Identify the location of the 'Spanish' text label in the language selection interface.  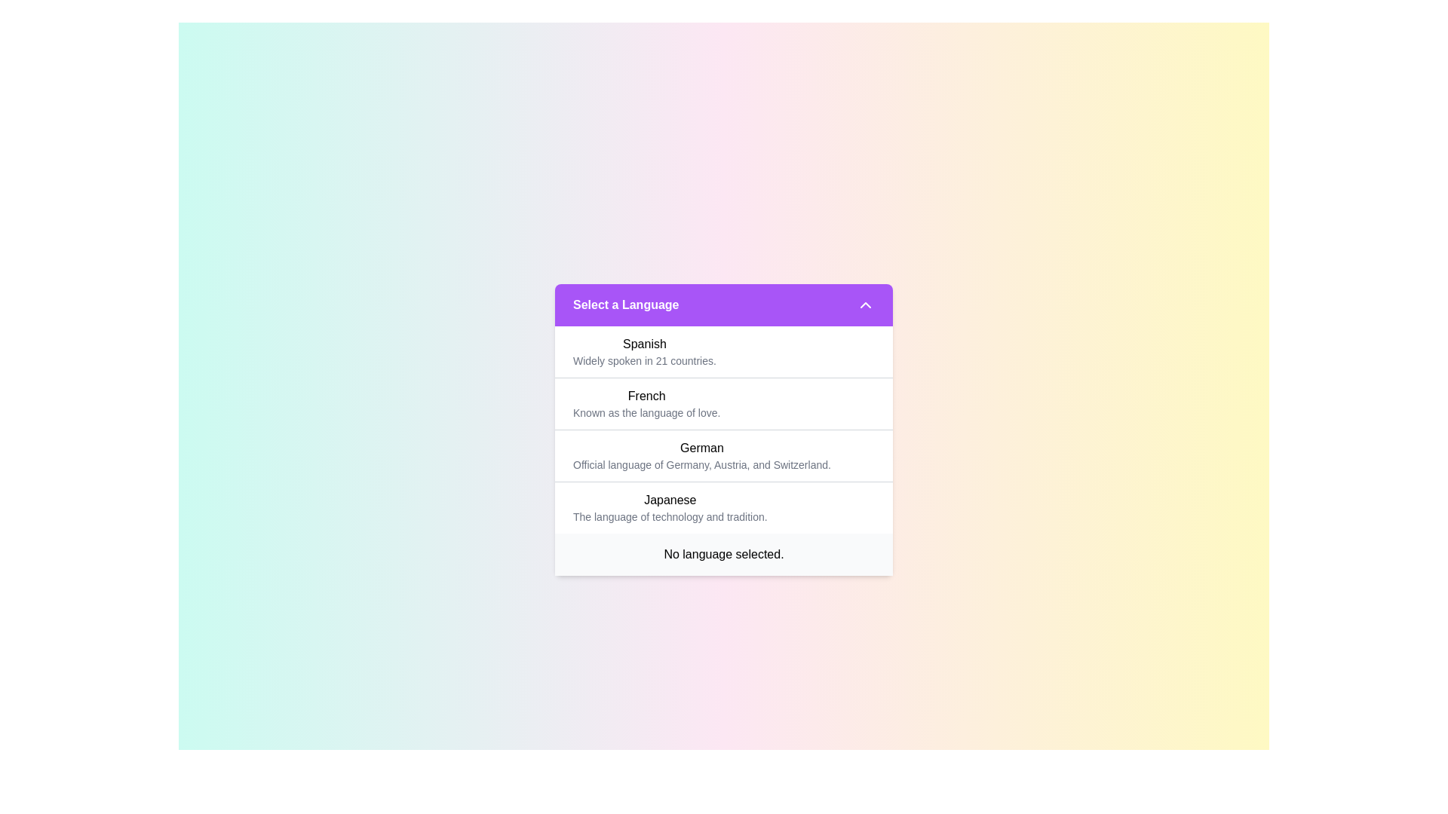
(644, 344).